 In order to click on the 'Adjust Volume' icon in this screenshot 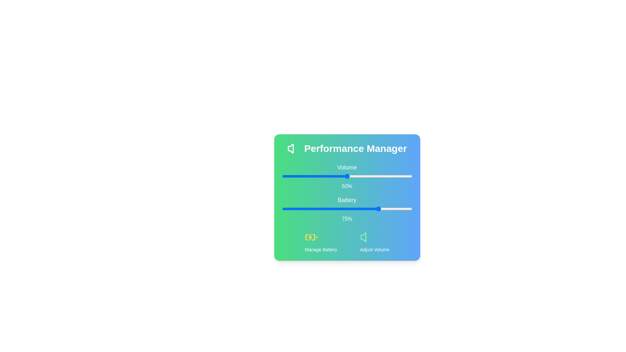, I will do `click(375, 242)`.